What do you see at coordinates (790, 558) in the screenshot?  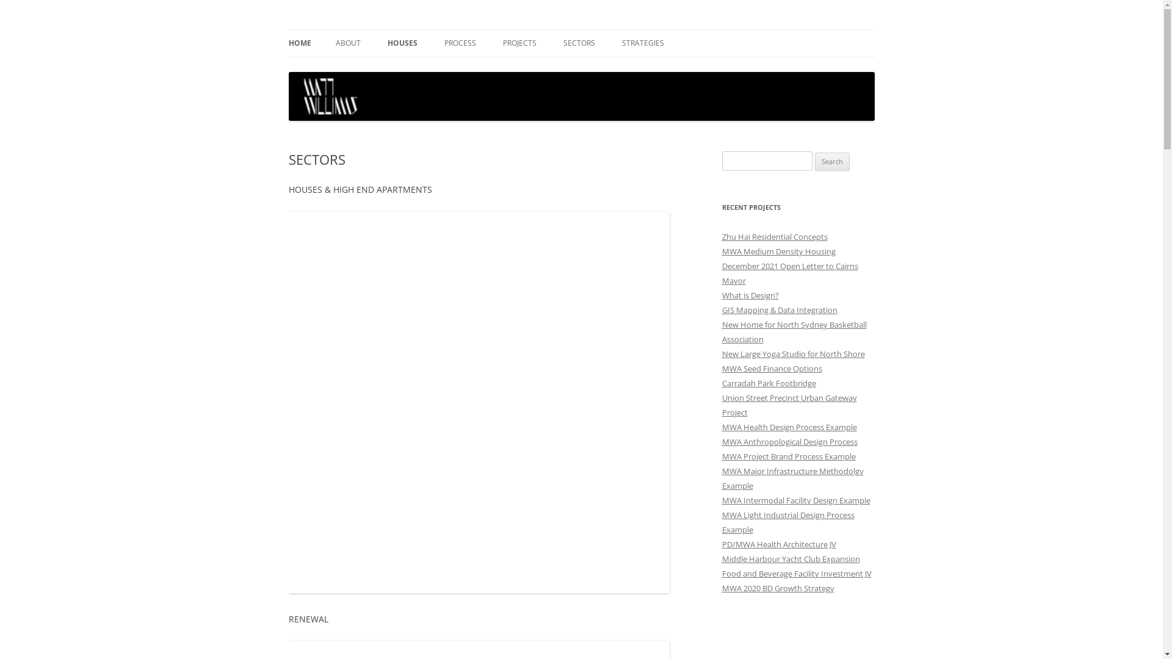 I see `'Middle Harbour Yacht Club Expansion'` at bounding box center [790, 558].